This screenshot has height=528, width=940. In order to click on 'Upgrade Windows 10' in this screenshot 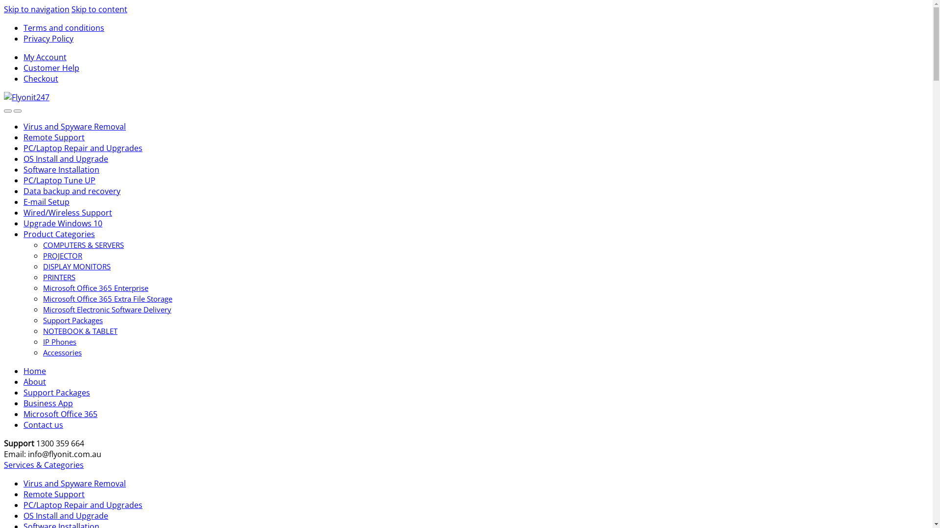, I will do `click(62, 223)`.